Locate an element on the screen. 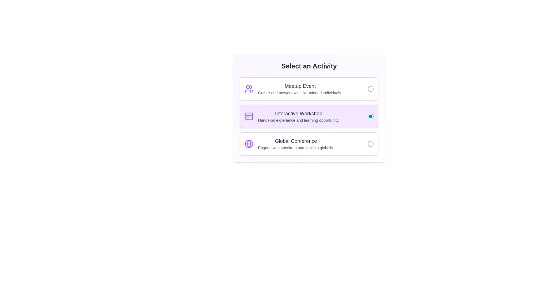 Image resolution: width=538 pixels, height=303 pixels. the radio button on the extreme right of the topmost card in the 'Meetup Event' section is located at coordinates (371, 88).